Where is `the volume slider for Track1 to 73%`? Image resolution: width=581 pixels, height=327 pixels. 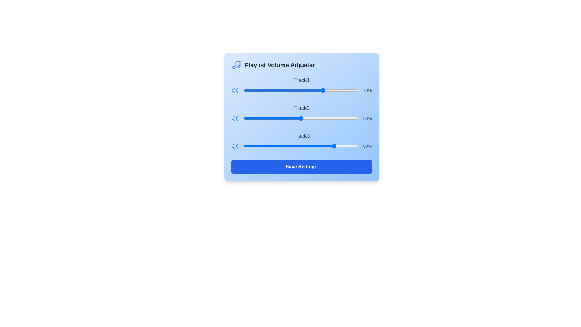 the volume slider for Track1 to 73% is located at coordinates (327, 91).